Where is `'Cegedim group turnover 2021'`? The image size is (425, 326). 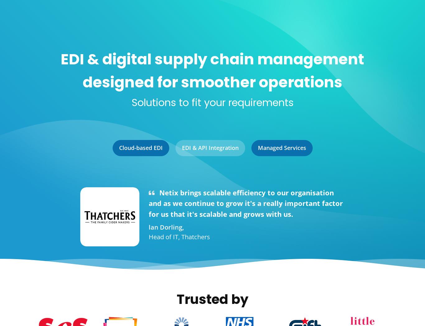 'Cegedim group turnover 2021' is located at coordinates (337, 73).